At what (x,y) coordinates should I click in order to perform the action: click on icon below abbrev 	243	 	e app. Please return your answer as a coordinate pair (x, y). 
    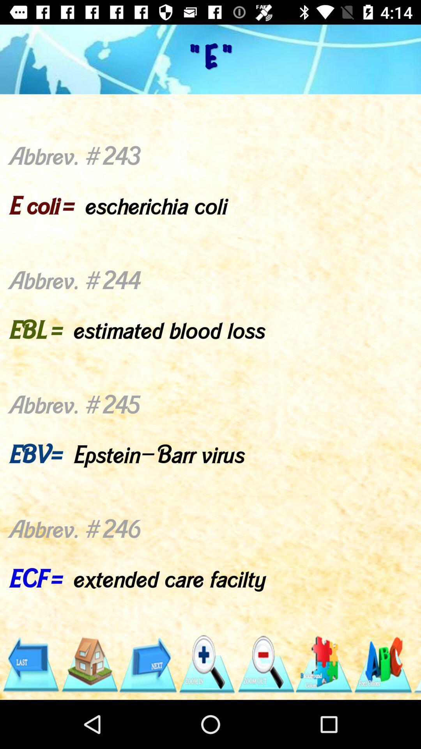
    Looking at the image, I should click on (416, 664).